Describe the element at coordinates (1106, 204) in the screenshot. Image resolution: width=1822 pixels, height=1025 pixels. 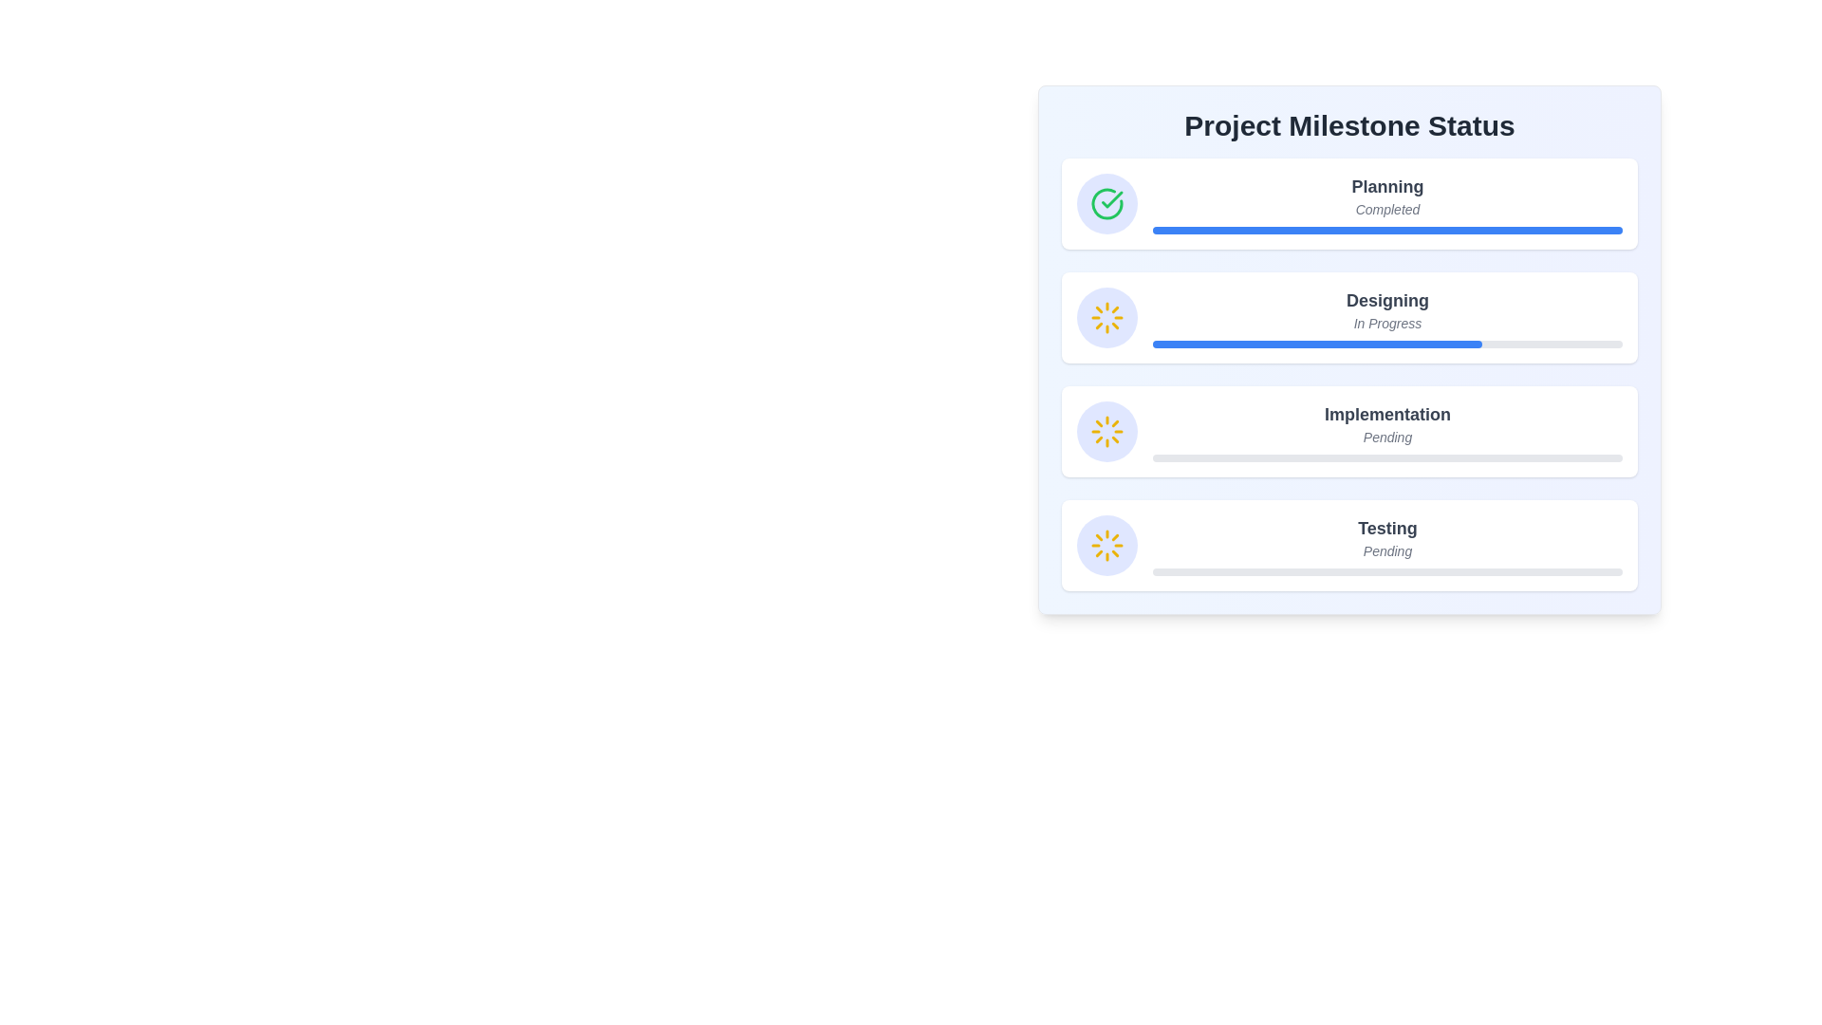
I see `the green checkmark icon with an indigo background, located next to the text 'Planning' and above 'Completed'` at that location.